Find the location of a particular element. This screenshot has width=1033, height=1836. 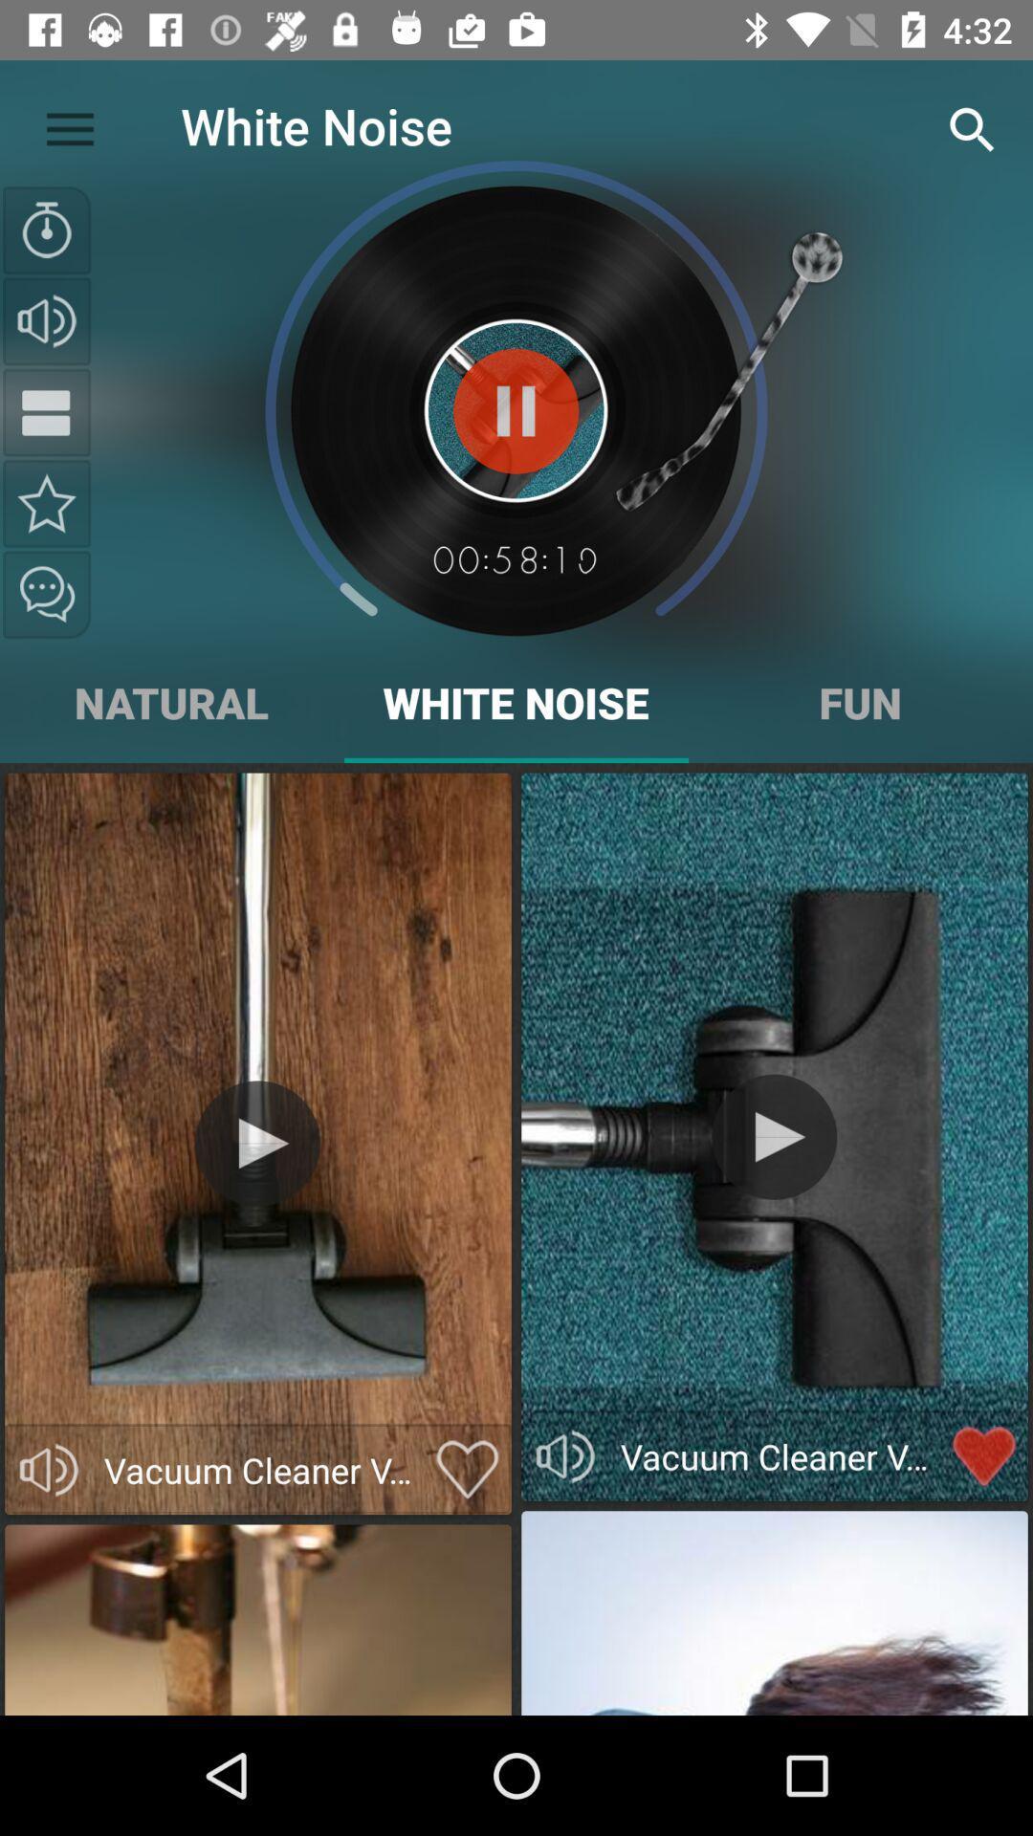

vacumm cleaner sounds is located at coordinates (564, 1455).